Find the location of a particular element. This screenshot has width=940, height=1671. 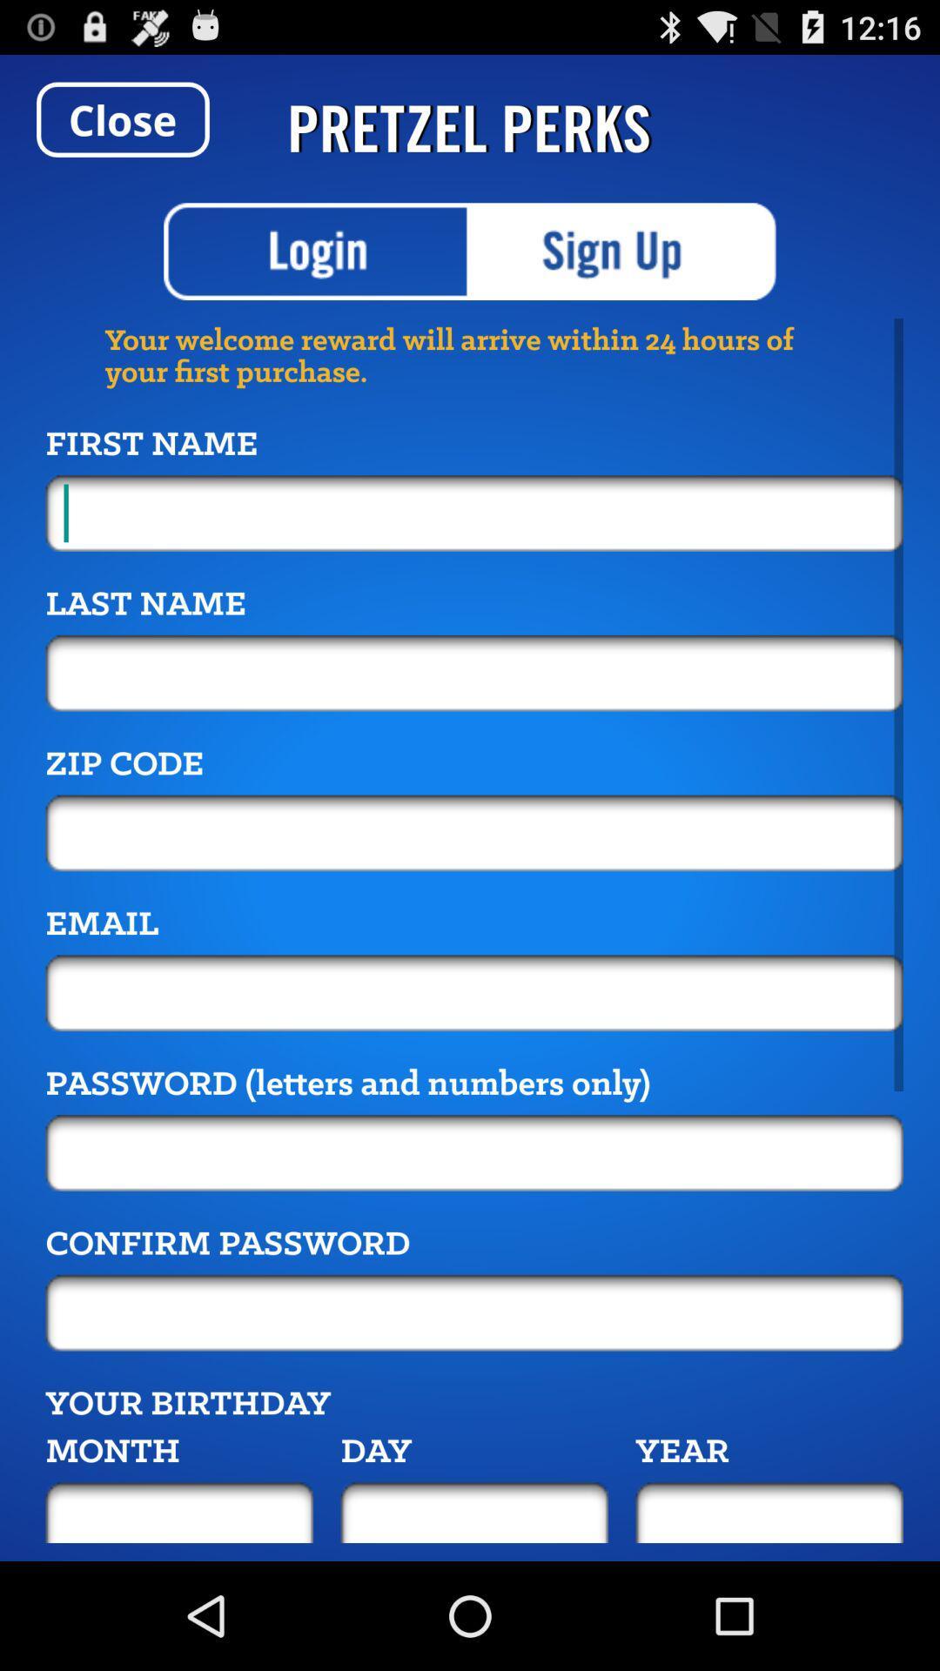

the close is located at coordinates (122, 118).